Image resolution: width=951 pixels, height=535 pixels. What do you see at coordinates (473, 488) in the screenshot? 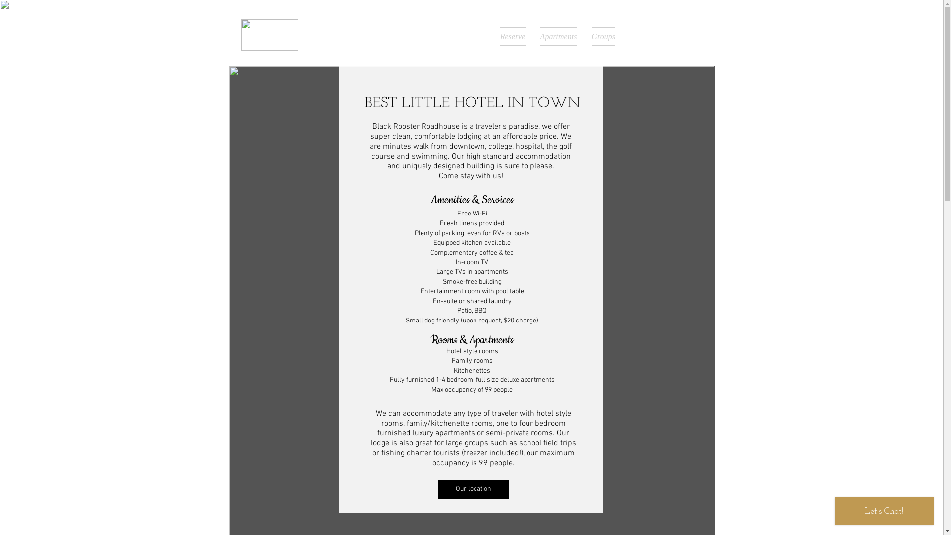
I see `'Our location'` at bounding box center [473, 488].